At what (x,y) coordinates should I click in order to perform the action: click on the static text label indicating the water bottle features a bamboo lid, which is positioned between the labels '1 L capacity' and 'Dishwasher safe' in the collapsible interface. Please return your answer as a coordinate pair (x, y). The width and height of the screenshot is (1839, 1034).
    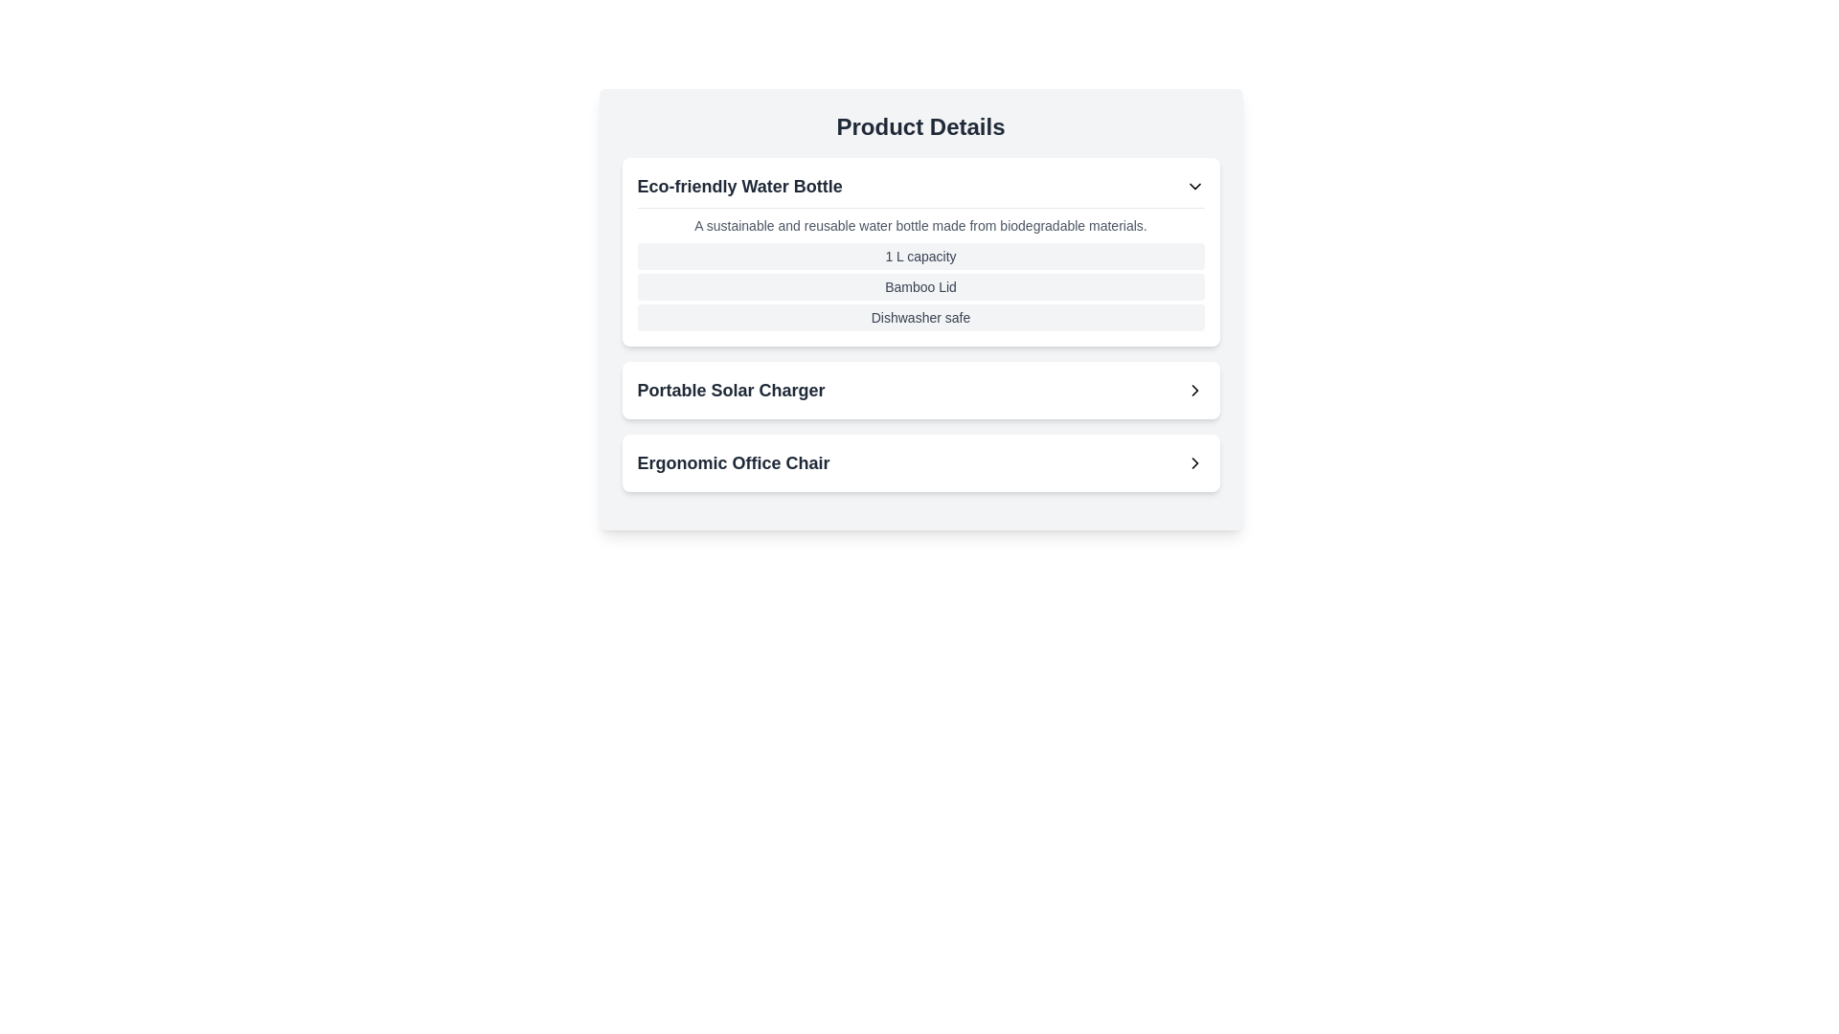
    Looking at the image, I should click on (920, 287).